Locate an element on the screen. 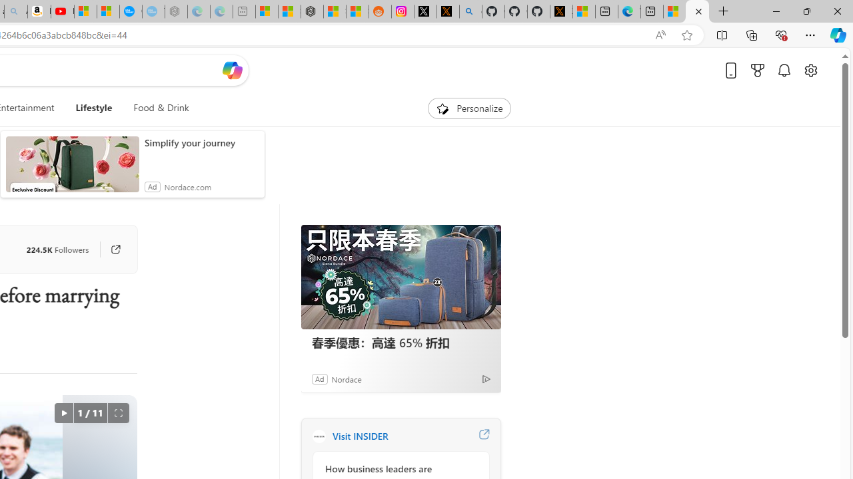 This screenshot has width=853, height=479. 'INSIDER' is located at coordinates (318, 436).